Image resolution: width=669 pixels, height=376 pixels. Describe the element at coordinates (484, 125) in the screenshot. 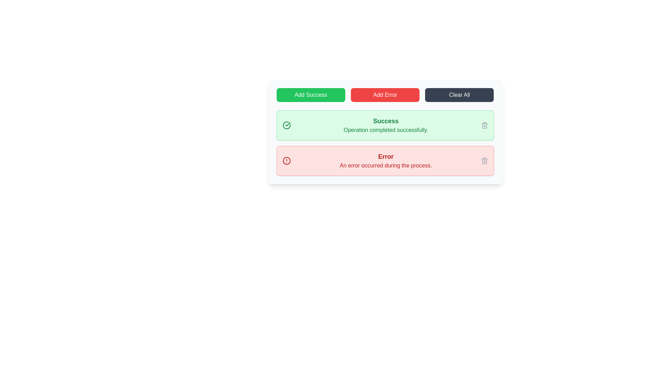

I see `the Trash Icon Button, which is a light gray icon located at the far right side of the green success notification box, adjacent to the text 'Operation completed successfully.'` at that location.